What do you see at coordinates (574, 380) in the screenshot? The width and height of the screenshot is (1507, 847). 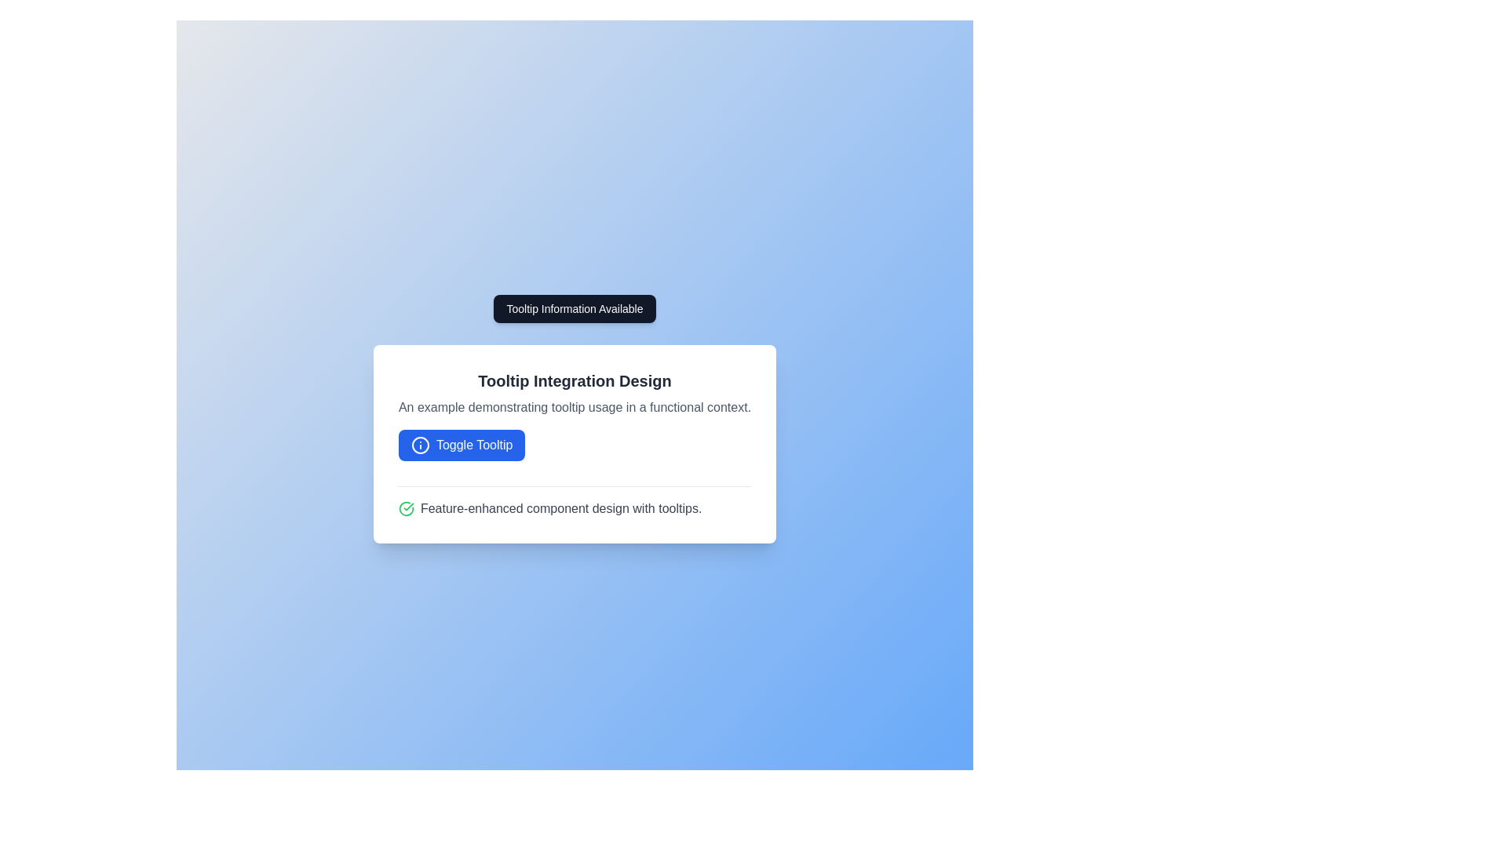 I see `text of the Title/Header that says 'Tooltip Integration Design', which is bold and prominently displayed at the top center of the white rectangular panel` at bounding box center [574, 380].